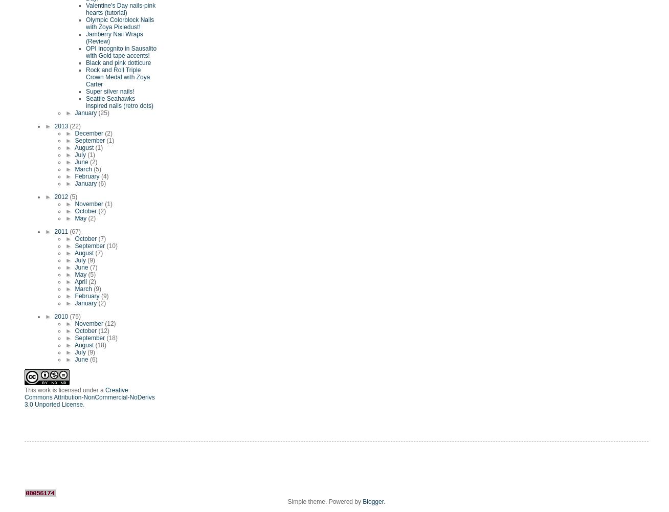  What do you see at coordinates (64, 390) in the screenshot?
I see `'This work is licensed under a'` at bounding box center [64, 390].